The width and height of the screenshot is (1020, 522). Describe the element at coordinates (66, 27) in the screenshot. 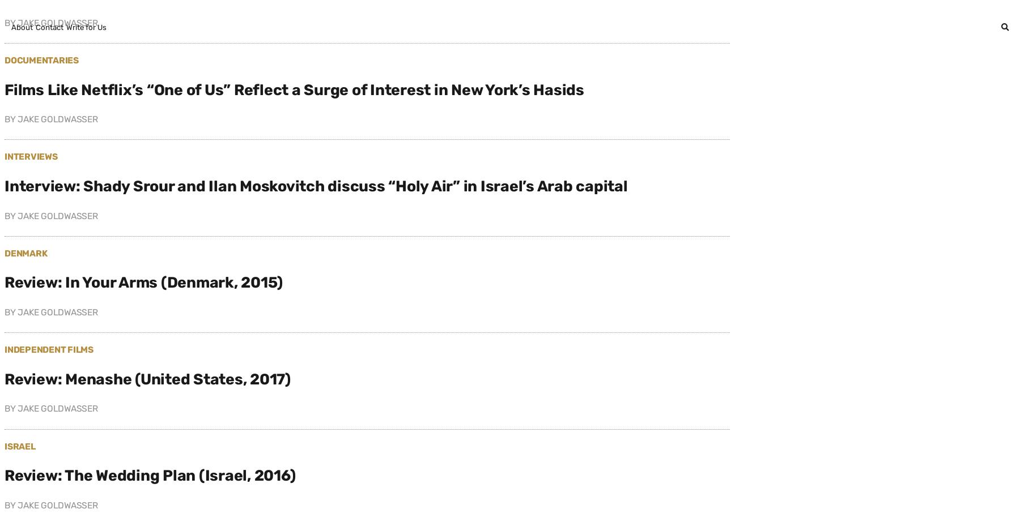

I see `'Write for Us'` at that location.